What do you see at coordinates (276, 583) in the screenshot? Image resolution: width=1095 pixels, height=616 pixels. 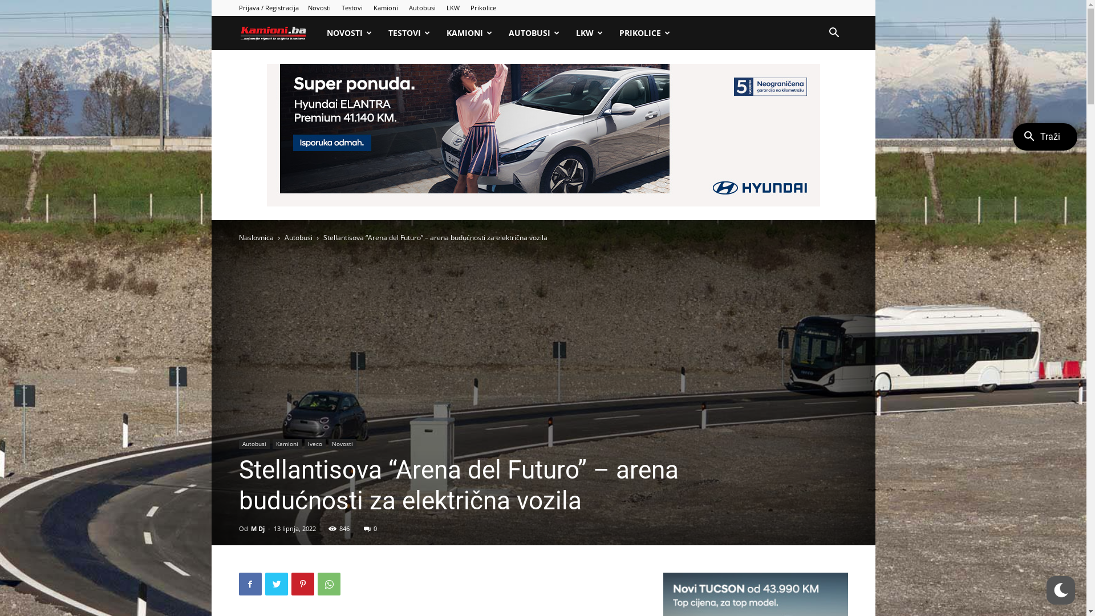 I see `'Twitter'` at bounding box center [276, 583].